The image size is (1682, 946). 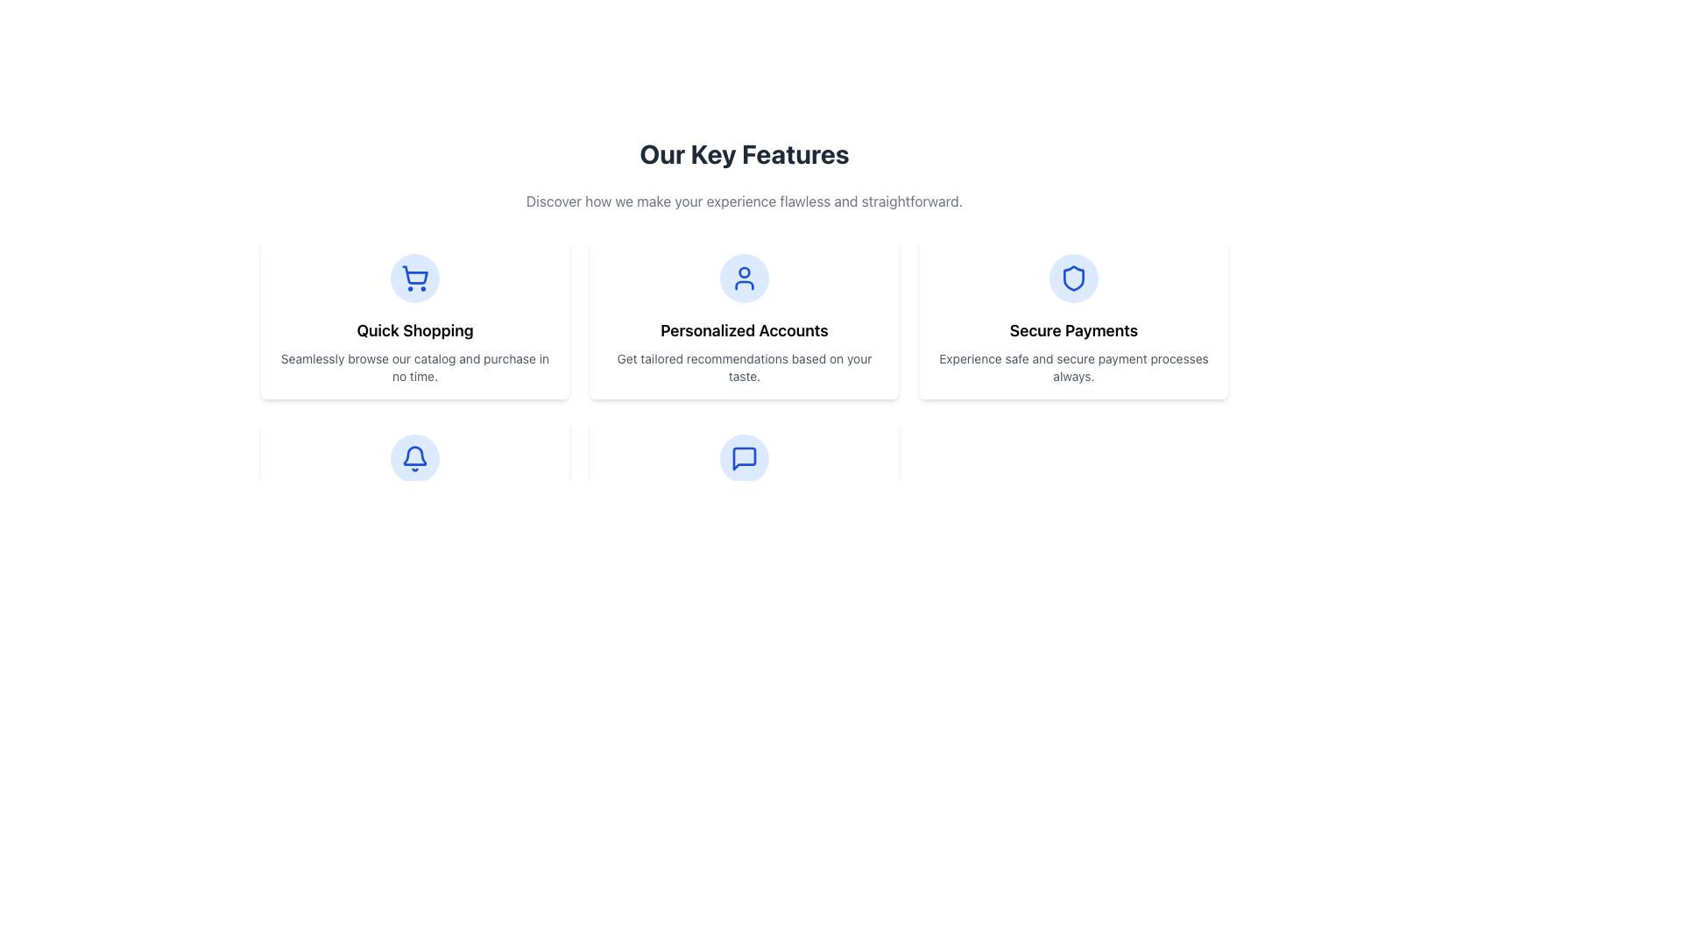 I want to click on the shopping-cart icon with a blue outline and circular blue wheels, located inside the rounded blue background circle in the leftmost feature card under 'Our Key Features', so click(x=414, y=277).